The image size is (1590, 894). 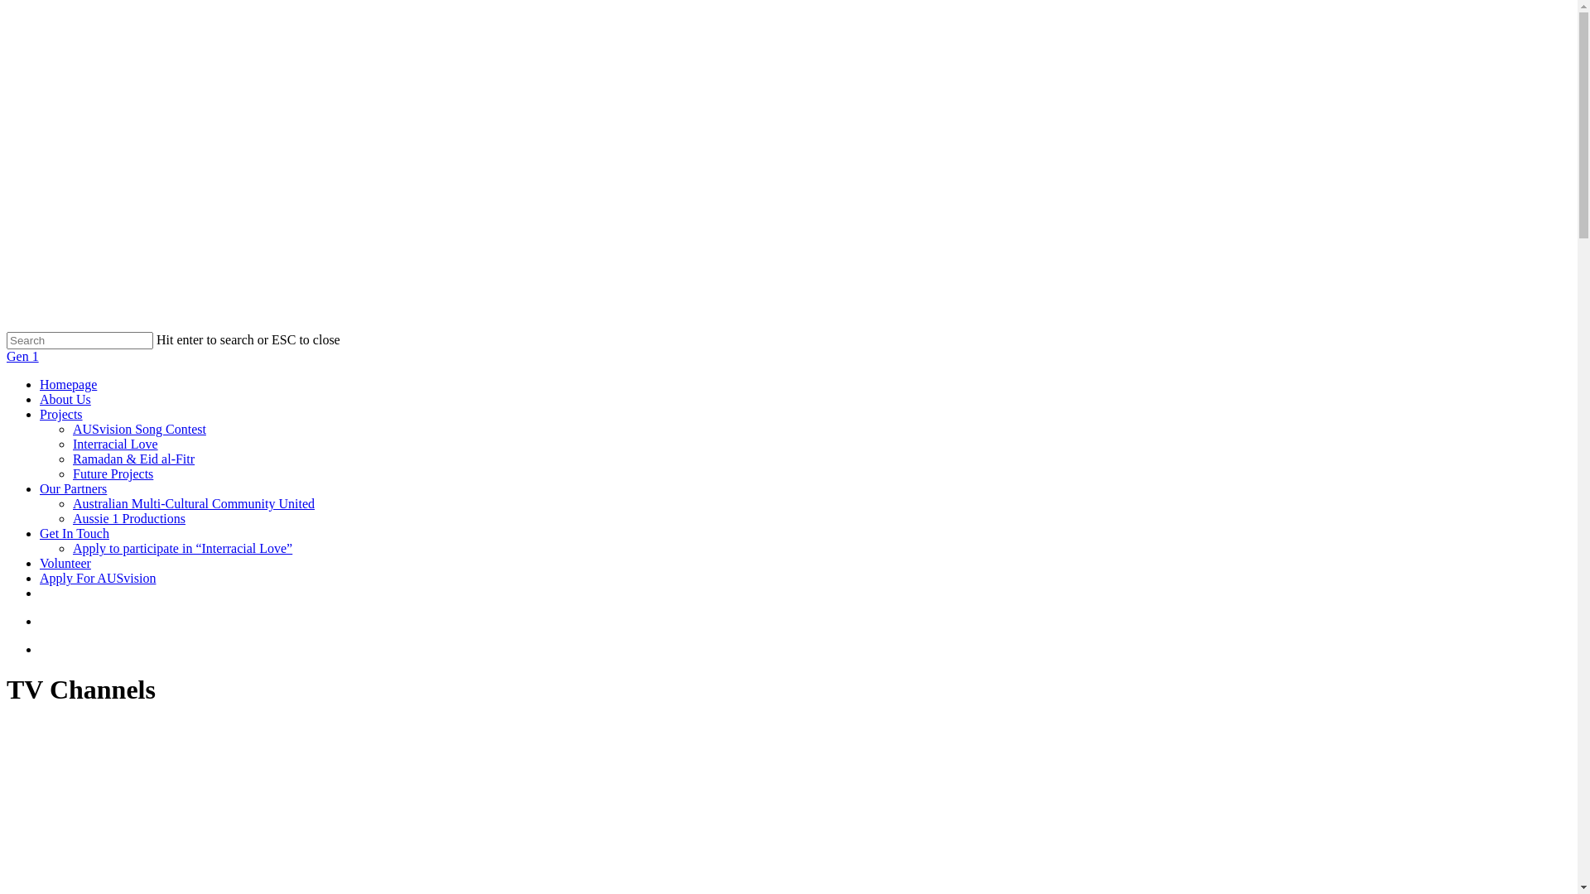 What do you see at coordinates (65, 562) in the screenshot?
I see `'Volunteer'` at bounding box center [65, 562].